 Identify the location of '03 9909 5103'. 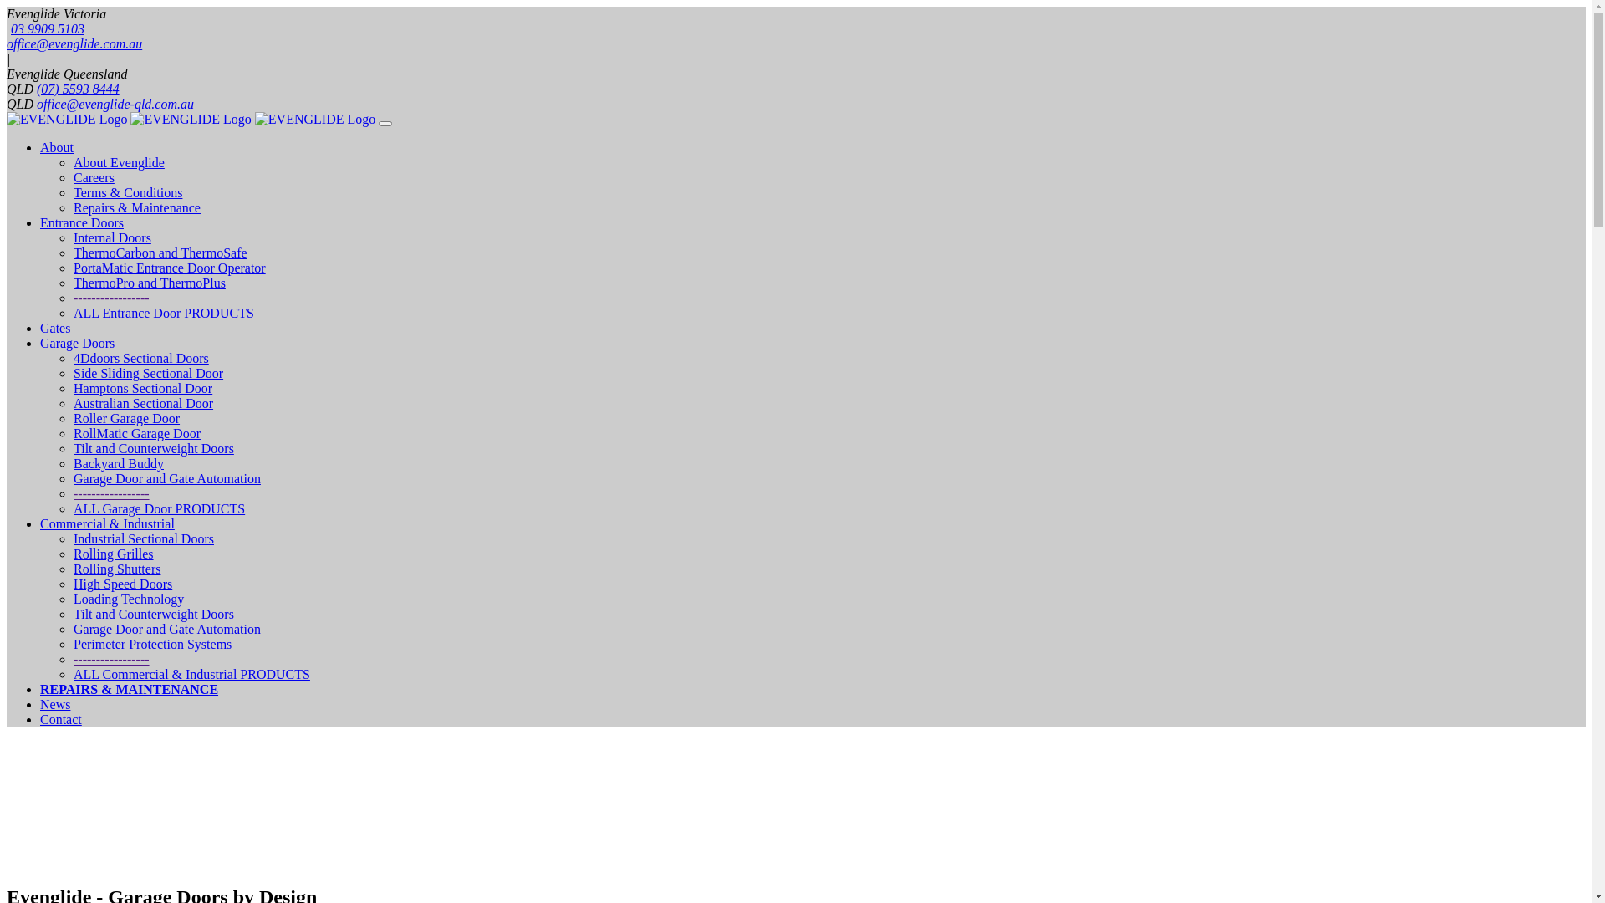
(45, 28).